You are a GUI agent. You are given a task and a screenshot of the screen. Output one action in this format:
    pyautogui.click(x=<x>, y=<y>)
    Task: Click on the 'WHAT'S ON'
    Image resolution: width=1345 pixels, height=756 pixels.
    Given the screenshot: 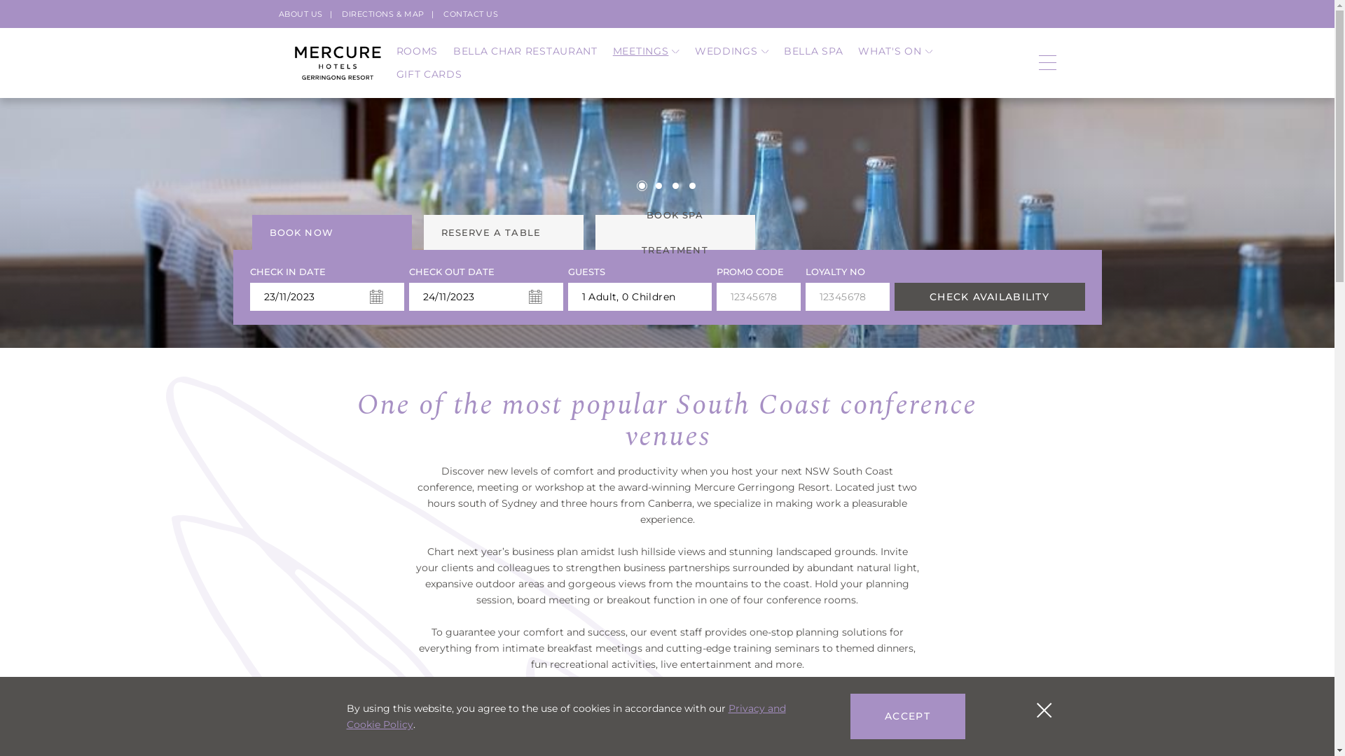 What is the action you would take?
    pyautogui.click(x=894, y=50)
    